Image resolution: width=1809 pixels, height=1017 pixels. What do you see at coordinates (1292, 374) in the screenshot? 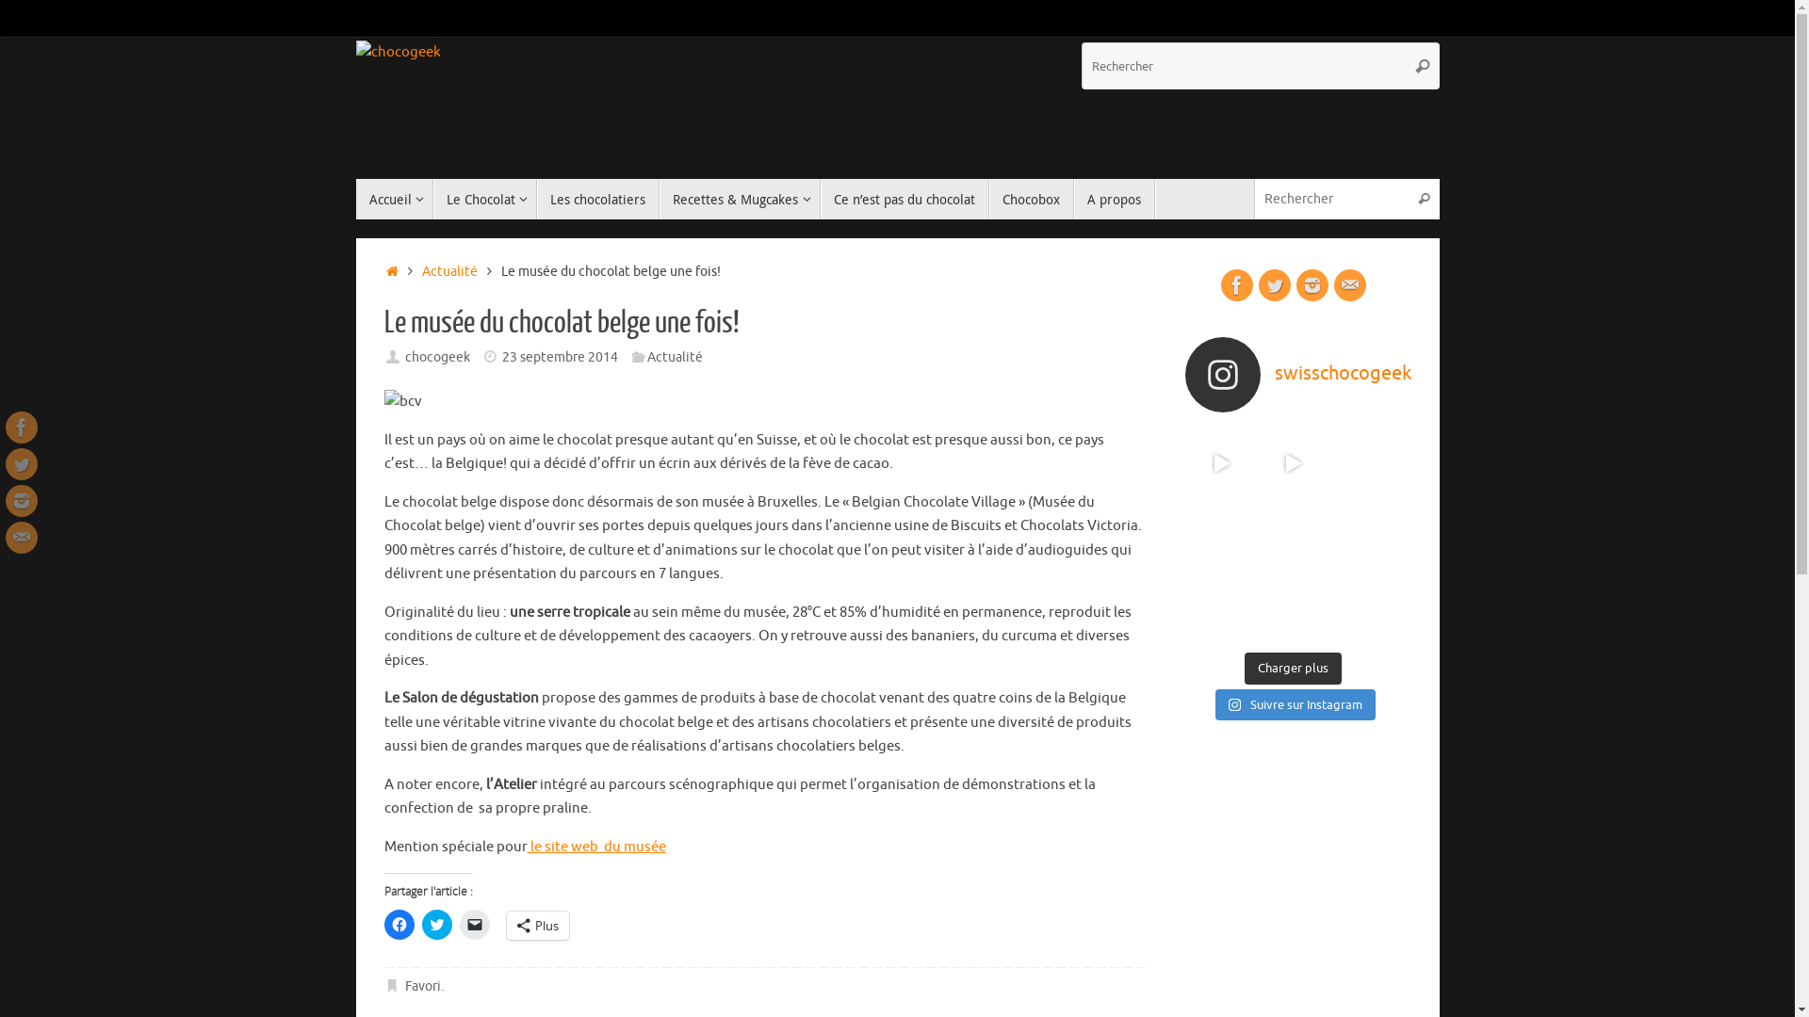
I see `'swisschocogeek'` at bounding box center [1292, 374].